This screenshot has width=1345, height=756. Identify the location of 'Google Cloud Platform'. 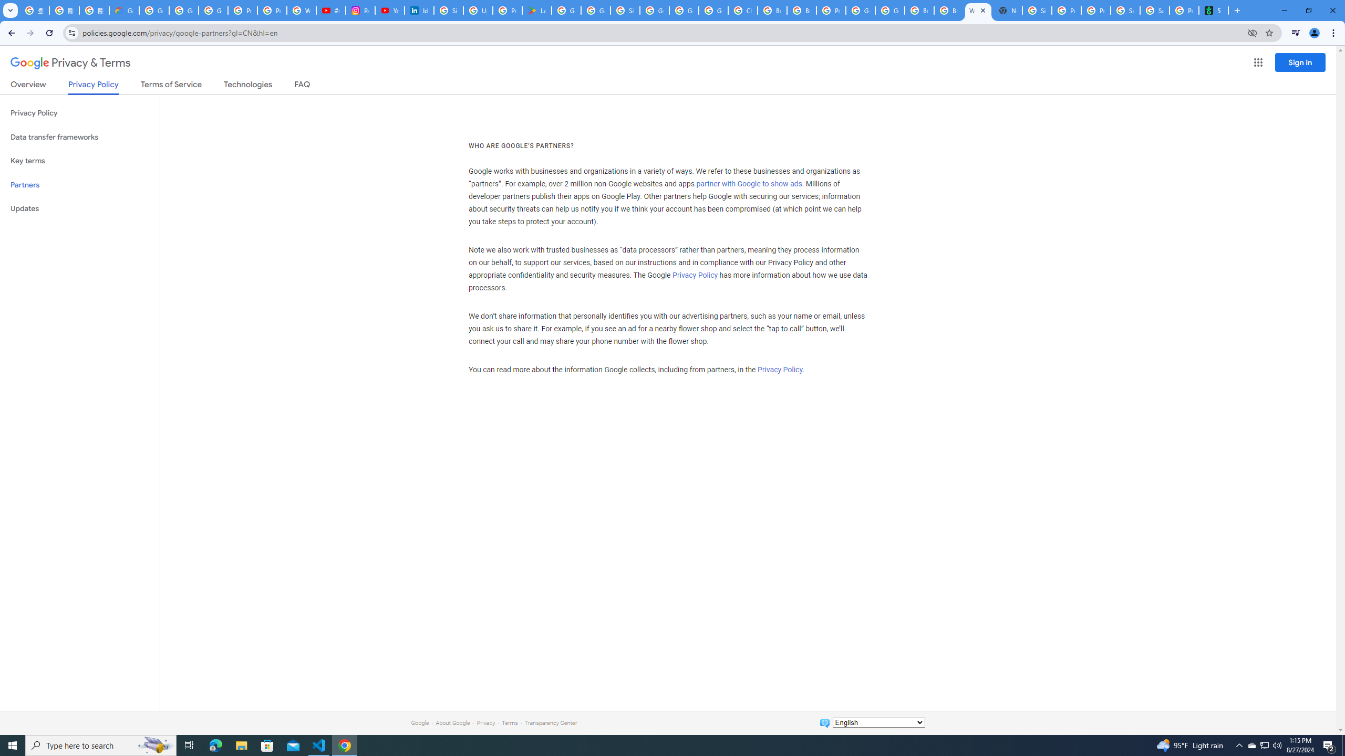
(889, 10).